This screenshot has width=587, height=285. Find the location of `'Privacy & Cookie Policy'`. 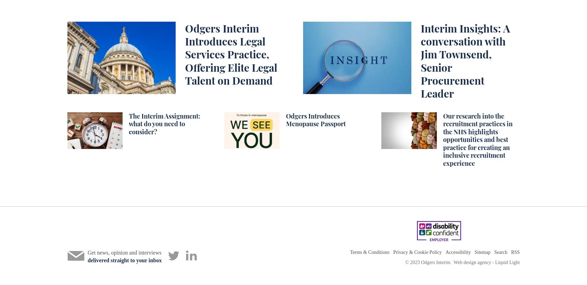

'Privacy & Cookie Policy' is located at coordinates (417, 252).